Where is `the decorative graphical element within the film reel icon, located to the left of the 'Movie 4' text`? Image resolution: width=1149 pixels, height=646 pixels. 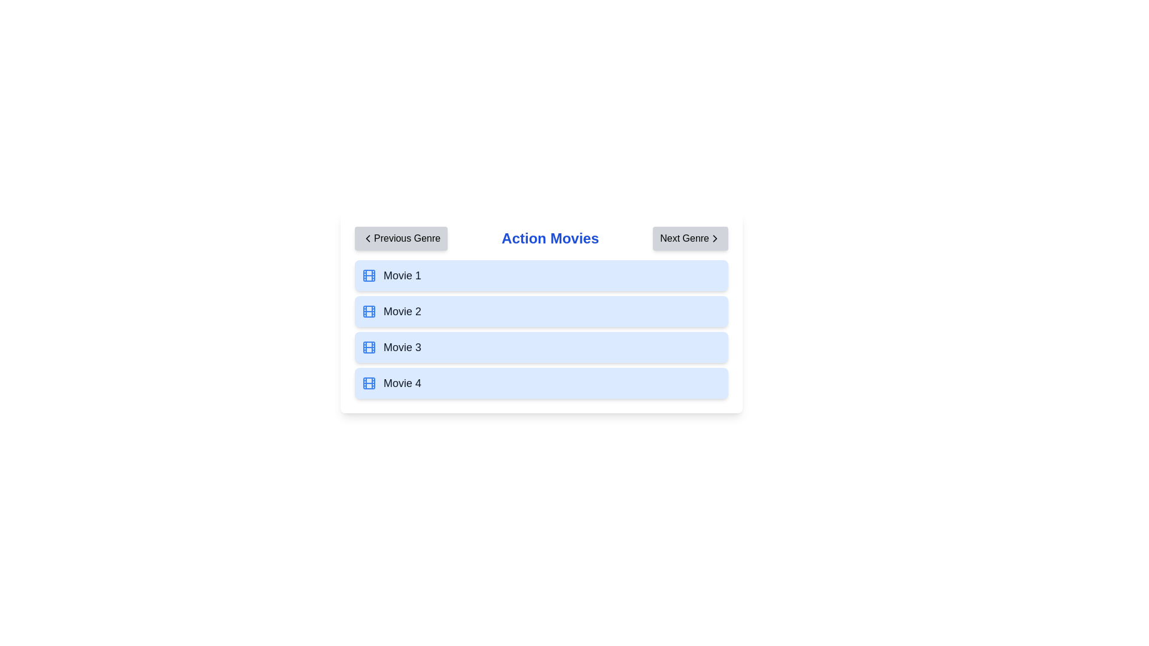 the decorative graphical element within the film reel icon, located to the left of the 'Movie 4' text is located at coordinates (369, 383).